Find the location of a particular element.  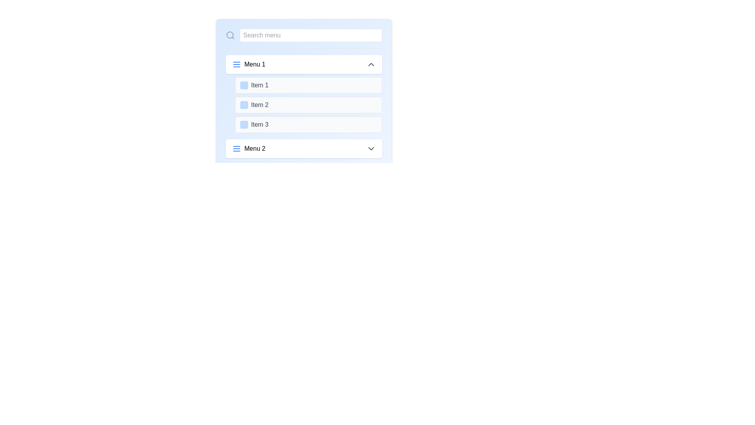

the small rectangular blue icon with rounded corners located to the left of the text 'Item 1' in the dropdown of 'Menu 1' is located at coordinates (243, 85).